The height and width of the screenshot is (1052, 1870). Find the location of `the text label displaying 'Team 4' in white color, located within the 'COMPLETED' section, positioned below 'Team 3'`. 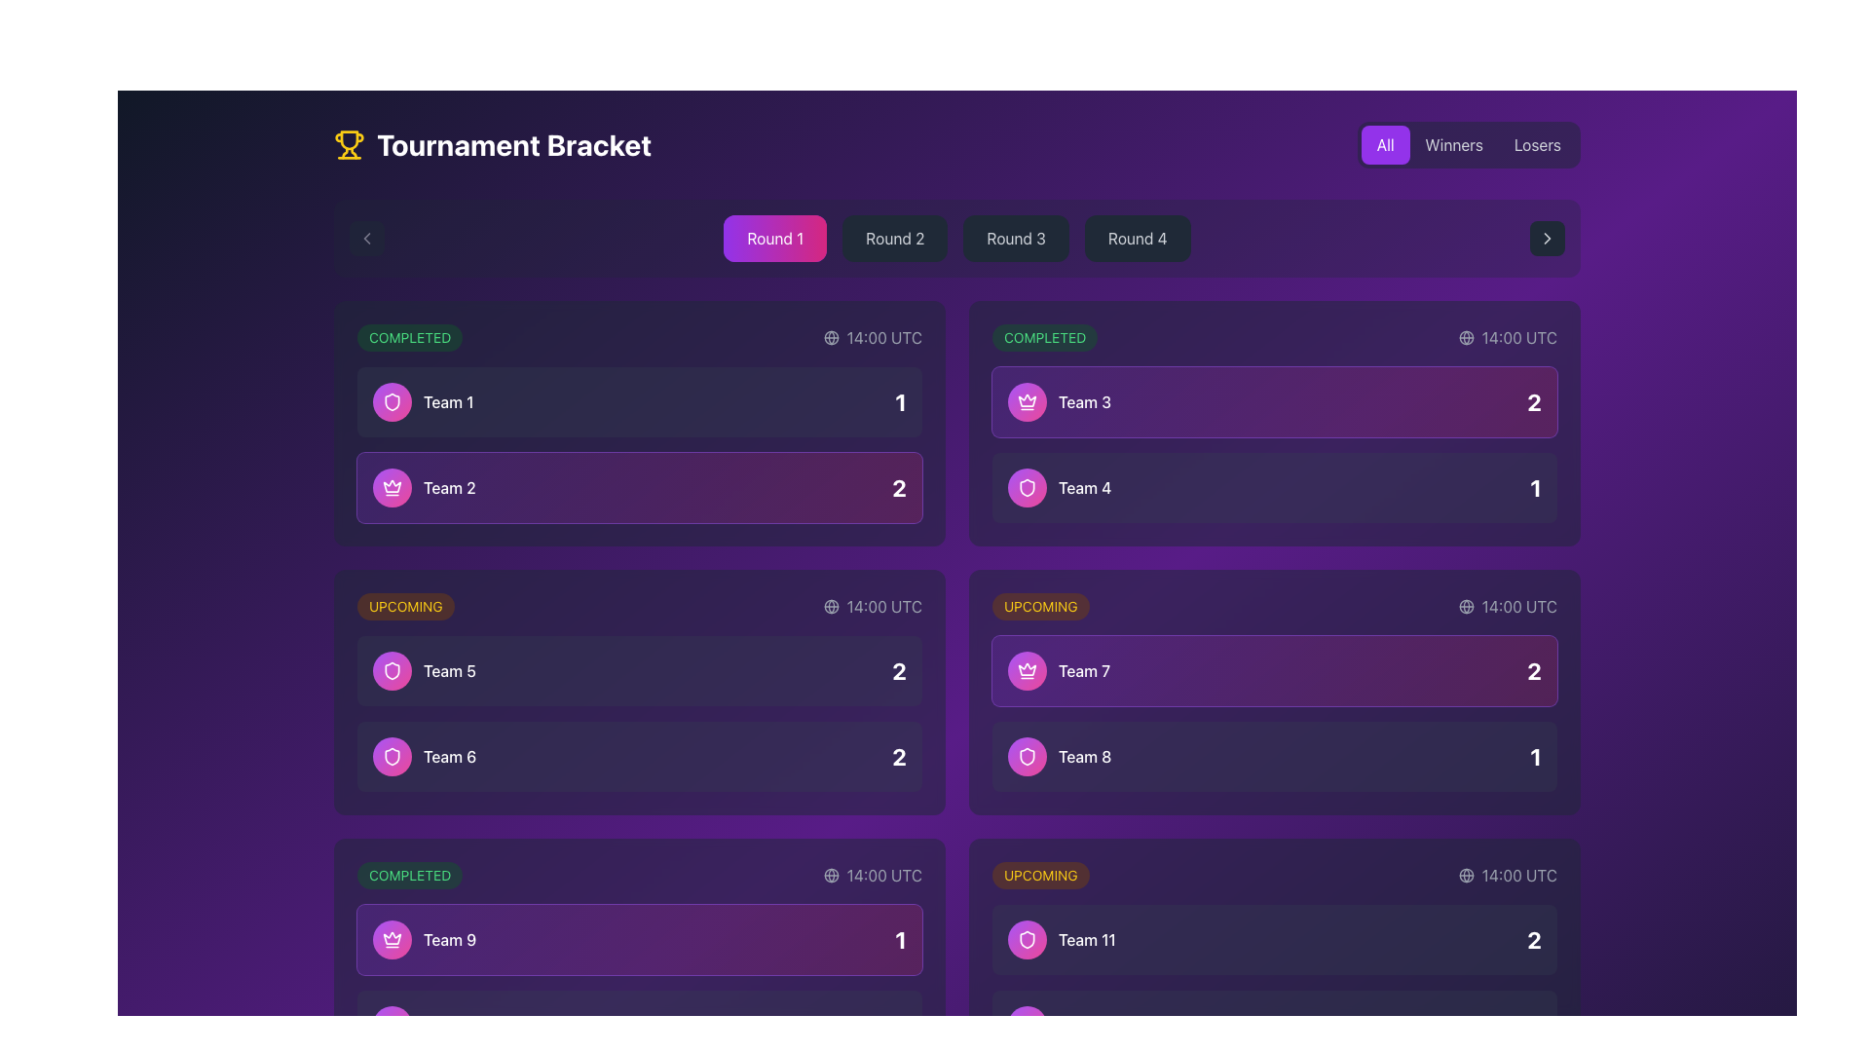

the text label displaying 'Team 4' in white color, located within the 'COMPLETED' section, positioned below 'Team 3' is located at coordinates (1084, 487).